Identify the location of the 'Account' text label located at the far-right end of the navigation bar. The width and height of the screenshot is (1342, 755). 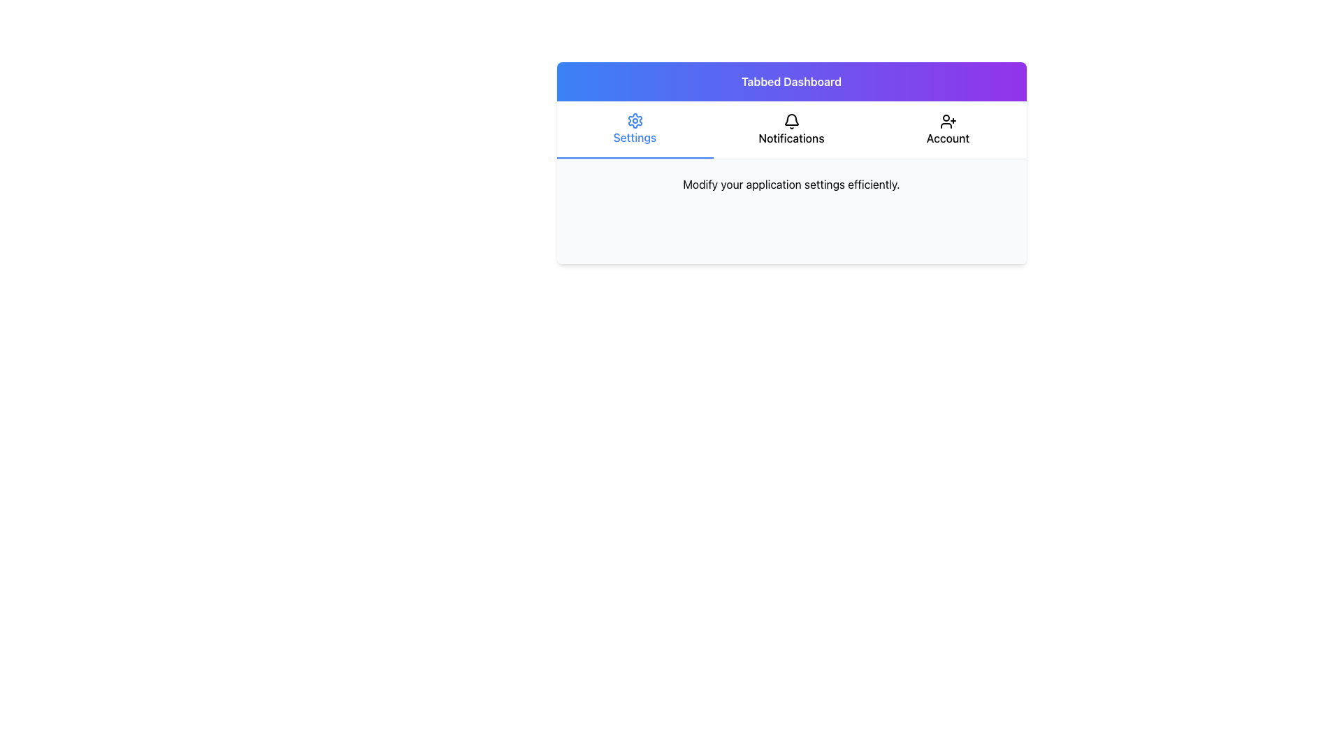
(948, 138).